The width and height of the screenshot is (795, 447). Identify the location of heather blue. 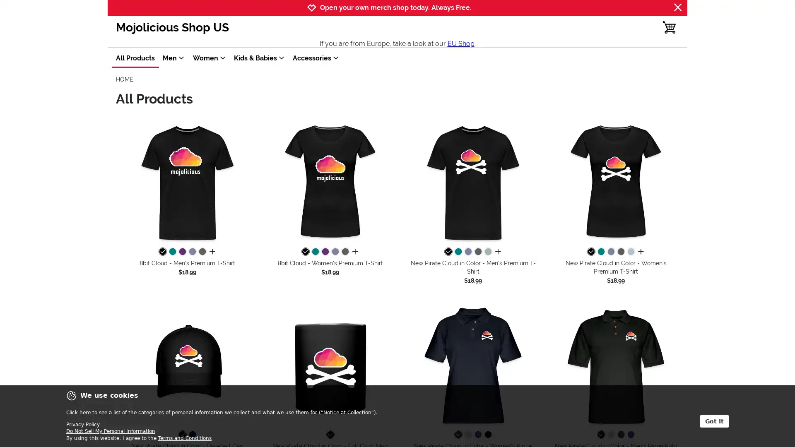
(610, 252).